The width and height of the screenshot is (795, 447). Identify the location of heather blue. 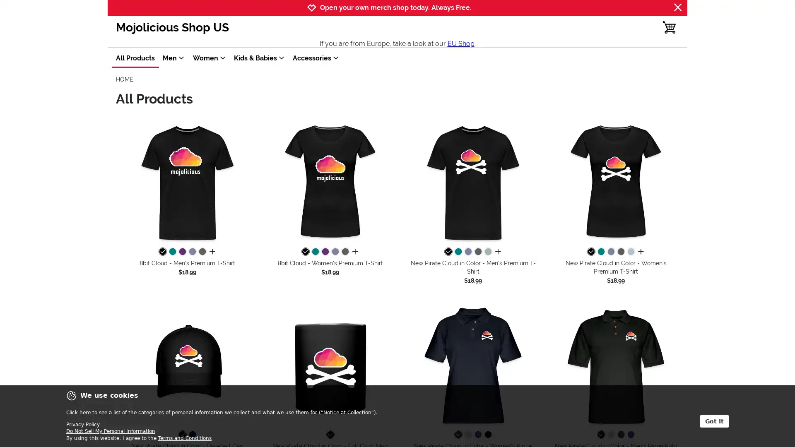
(610, 252).